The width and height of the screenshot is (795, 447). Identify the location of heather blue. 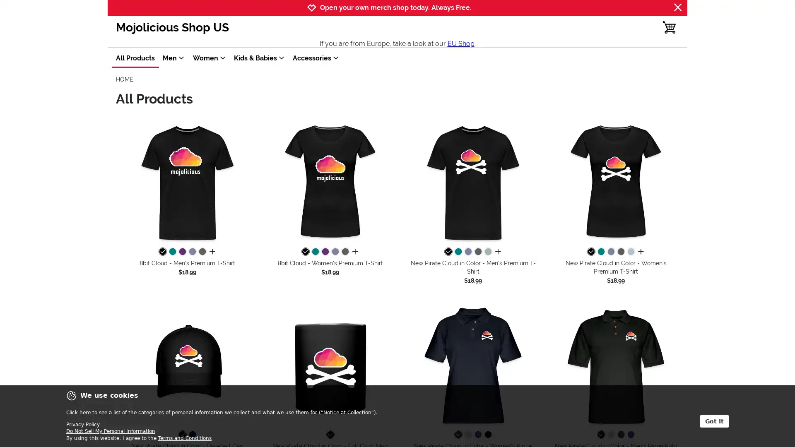
(610, 252).